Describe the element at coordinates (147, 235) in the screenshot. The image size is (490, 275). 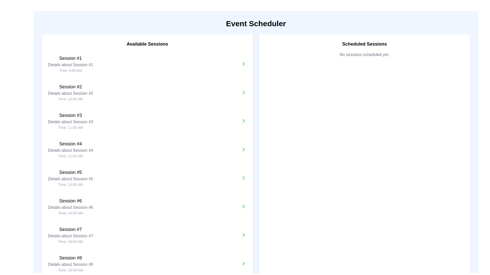
I see `the forward navigation button on the session detail card for 'Session #7' located in the 'Available Sessions' section` at that location.